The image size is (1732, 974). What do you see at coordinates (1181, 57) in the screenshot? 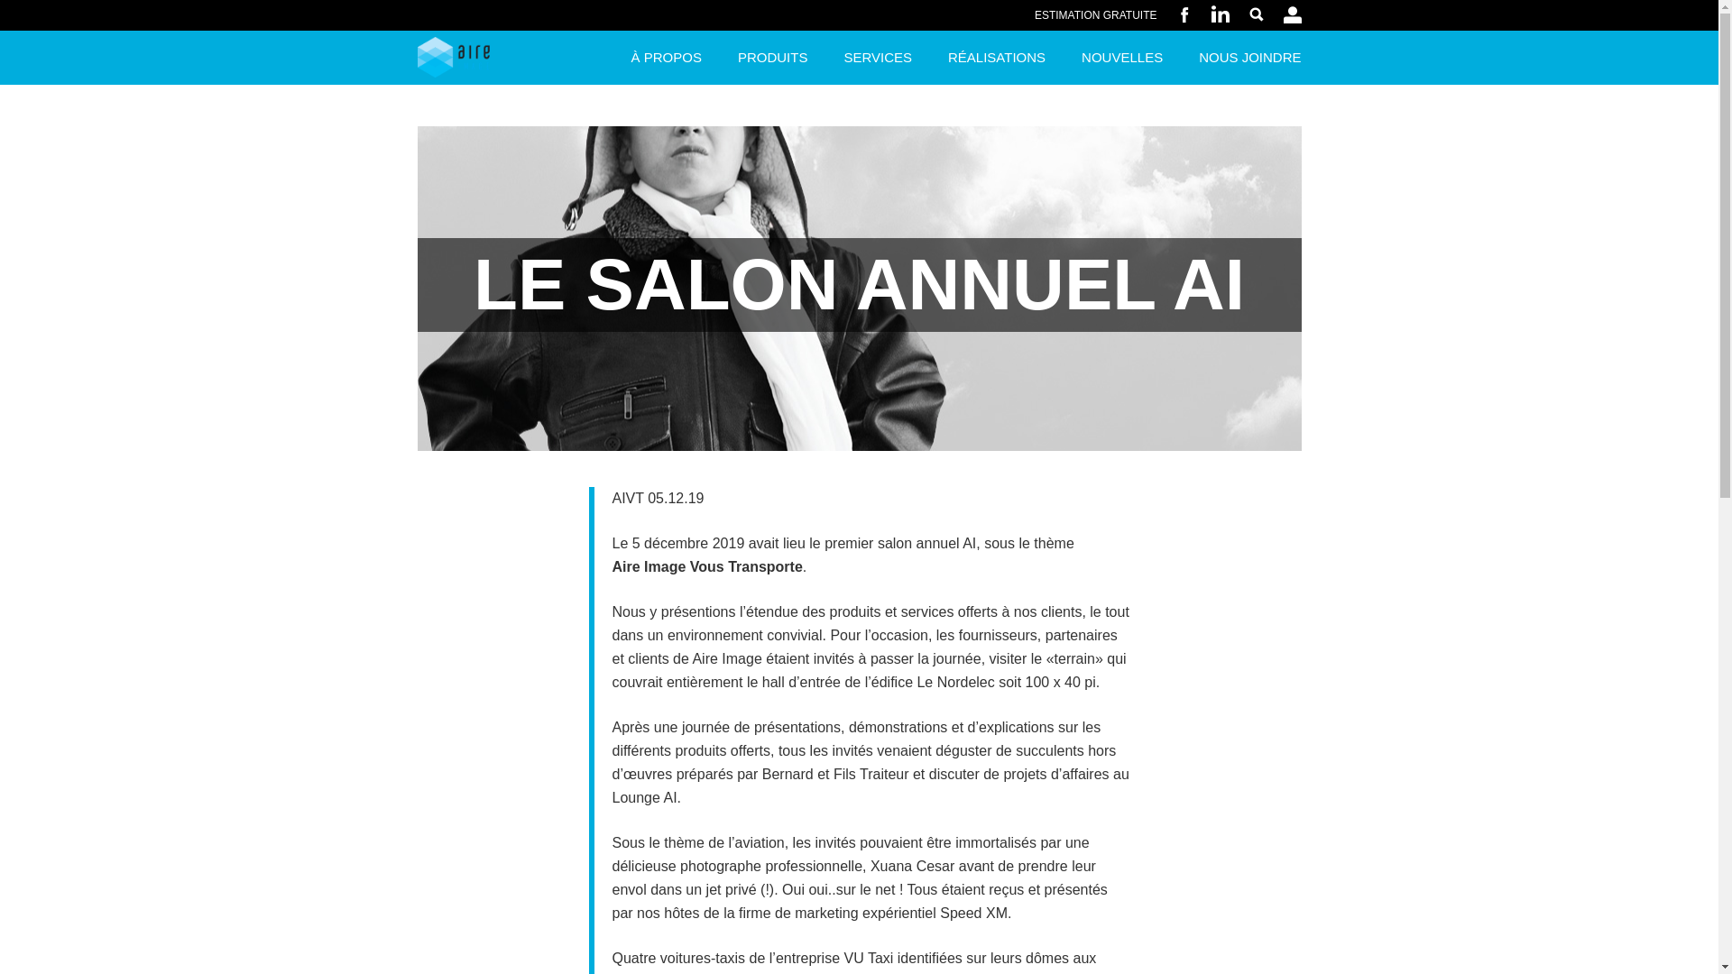
I see `'NOUS JOINDRE'` at bounding box center [1181, 57].